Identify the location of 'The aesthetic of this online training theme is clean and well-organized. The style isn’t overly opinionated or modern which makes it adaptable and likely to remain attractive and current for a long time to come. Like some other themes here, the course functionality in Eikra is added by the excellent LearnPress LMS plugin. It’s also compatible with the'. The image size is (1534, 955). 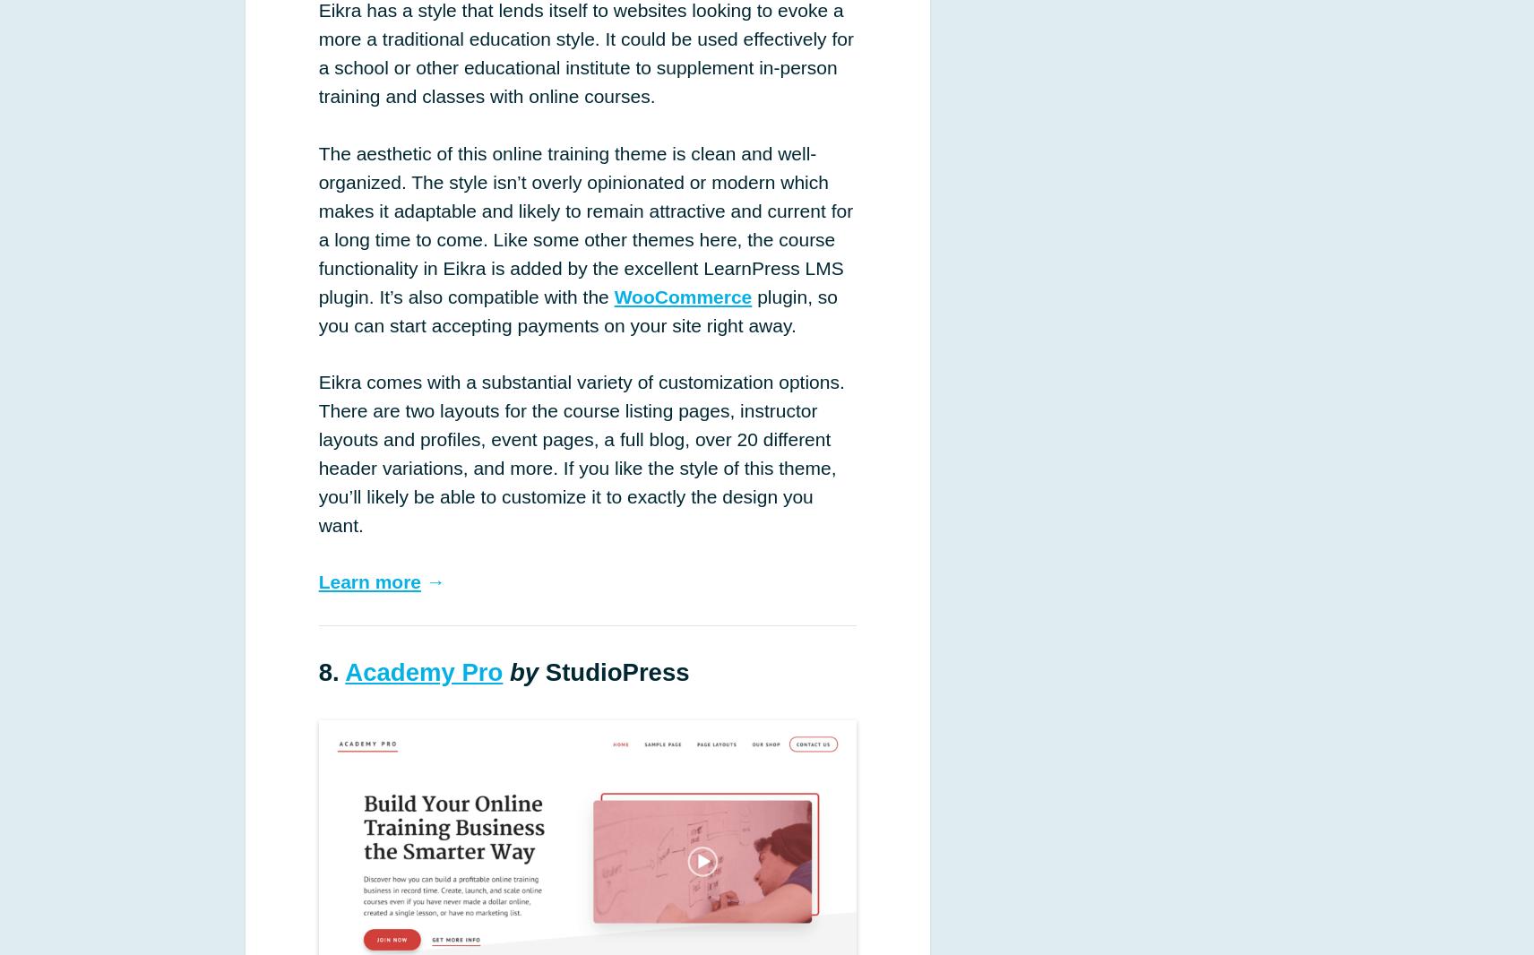
(585, 223).